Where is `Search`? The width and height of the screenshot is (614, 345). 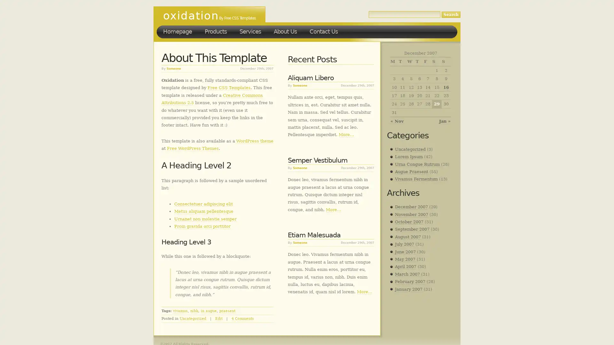
Search is located at coordinates (451, 14).